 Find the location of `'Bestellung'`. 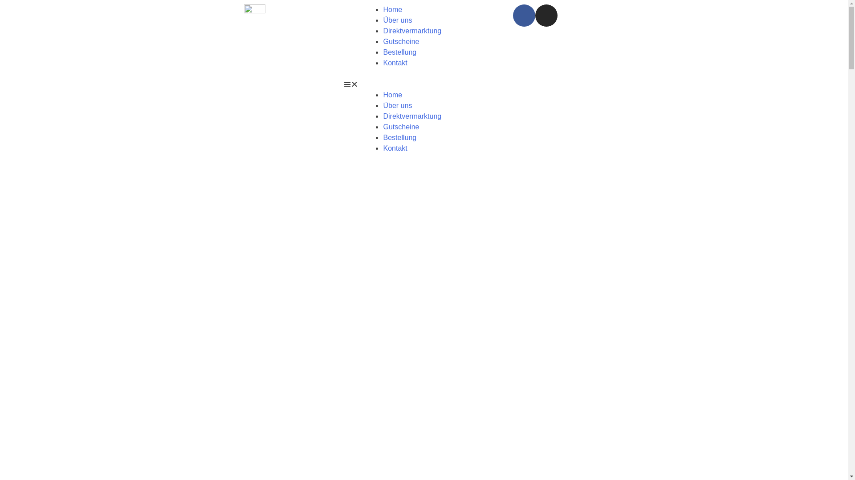

'Bestellung' is located at coordinates (399, 52).